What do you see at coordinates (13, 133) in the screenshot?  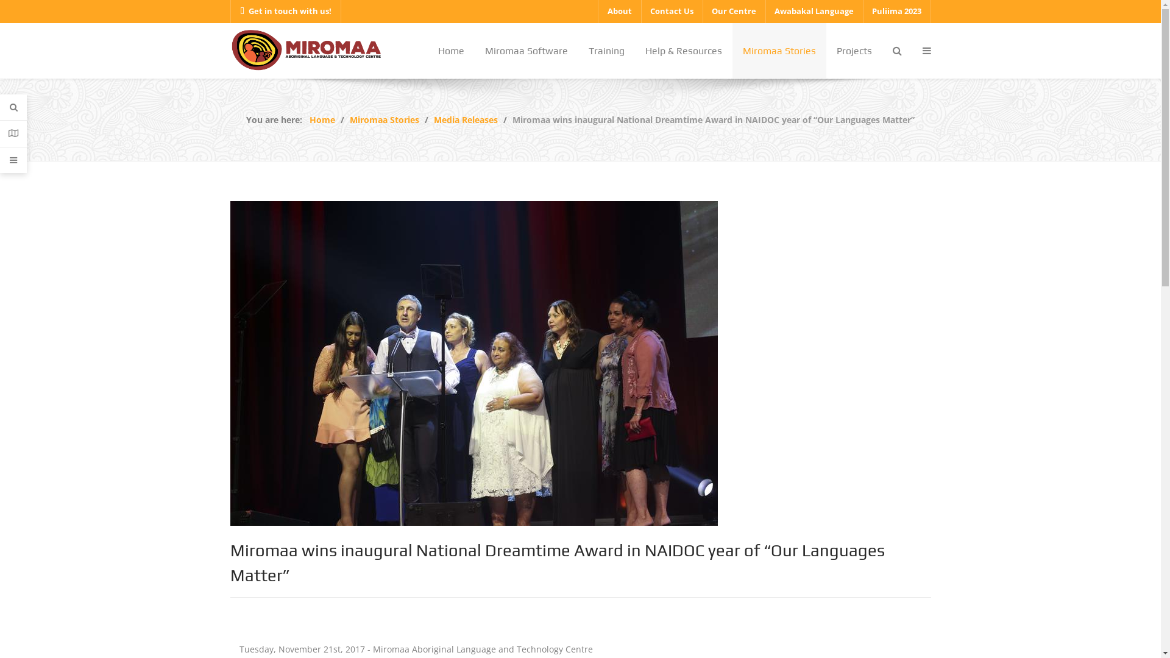 I see `'Contacts'` at bounding box center [13, 133].